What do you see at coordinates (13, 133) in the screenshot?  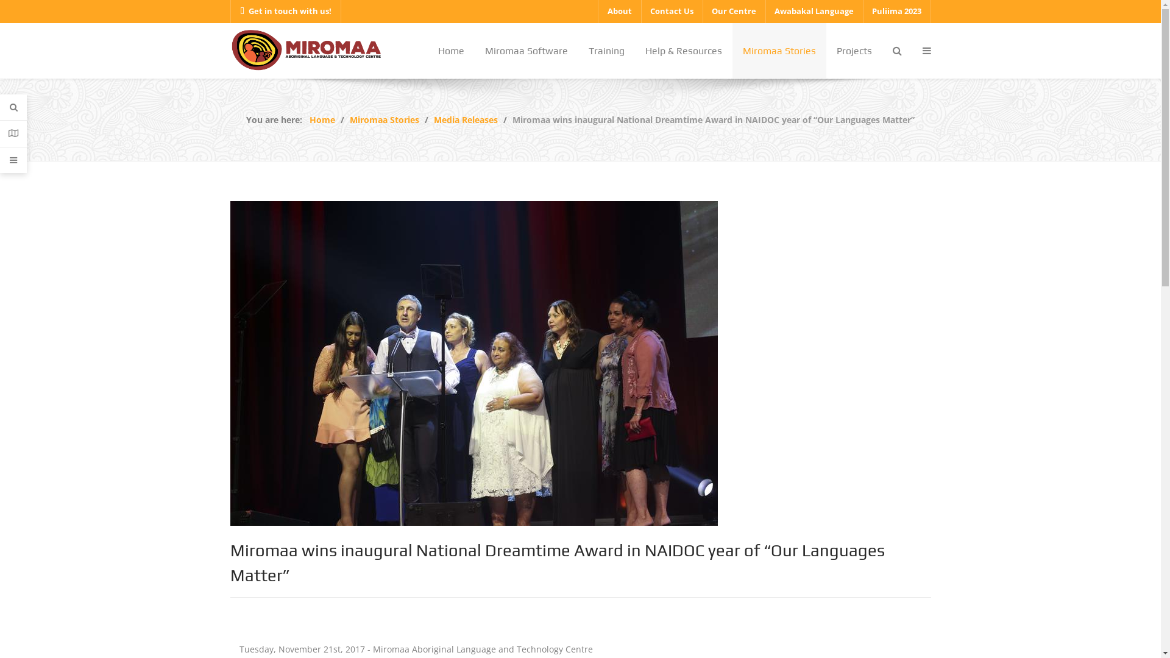 I see `'Contacts'` at bounding box center [13, 133].